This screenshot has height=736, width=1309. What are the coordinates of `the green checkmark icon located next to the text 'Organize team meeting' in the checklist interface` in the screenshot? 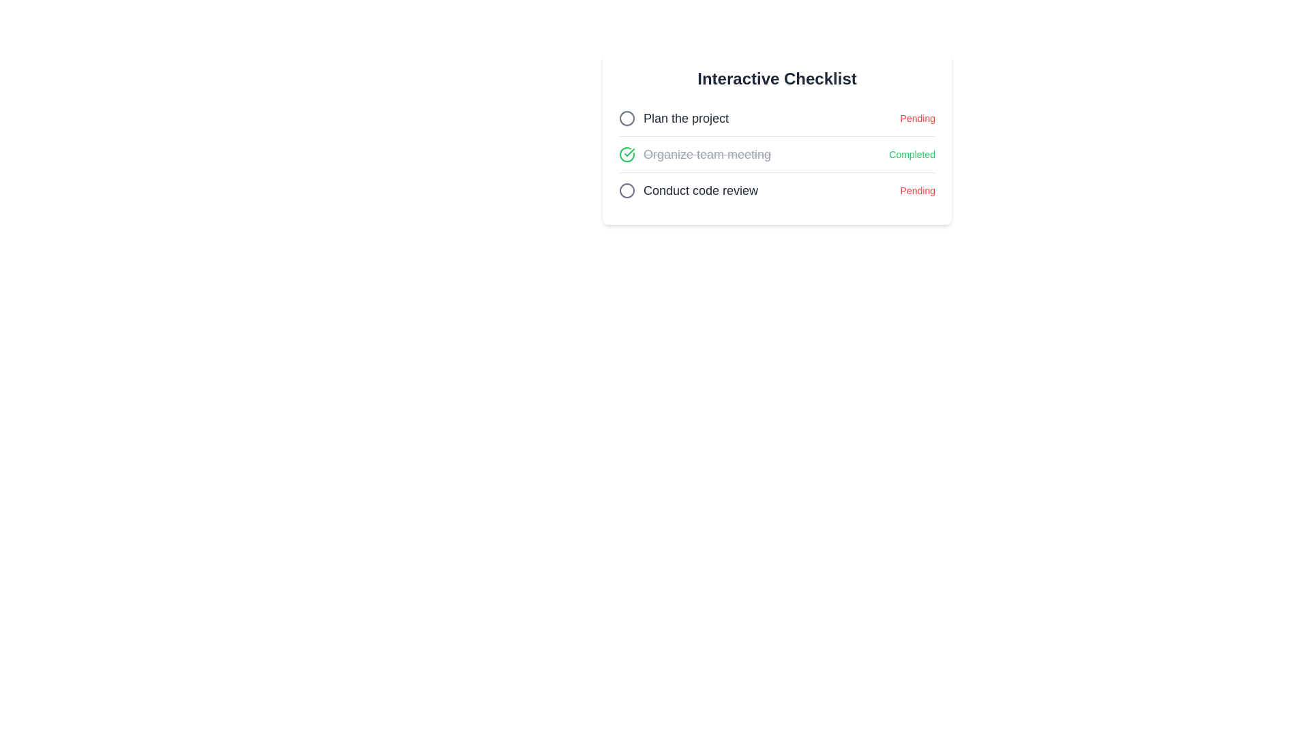 It's located at (629, 152).